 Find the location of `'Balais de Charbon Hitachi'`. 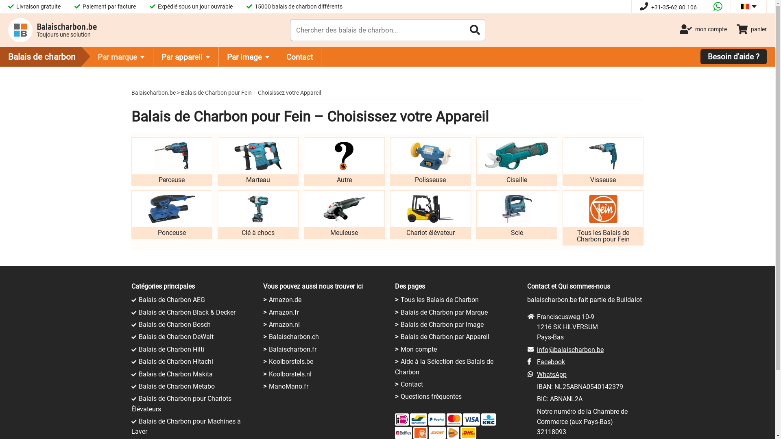

'Balais de Charbon Hitachi' is located at coordinates (138, 361).